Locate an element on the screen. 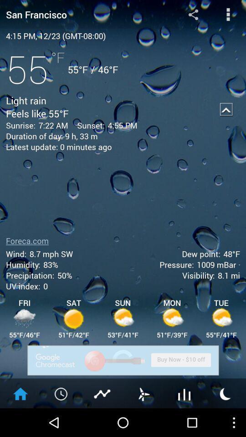 The image size is (246, 437). buy now is located at coordinates (123, 360).